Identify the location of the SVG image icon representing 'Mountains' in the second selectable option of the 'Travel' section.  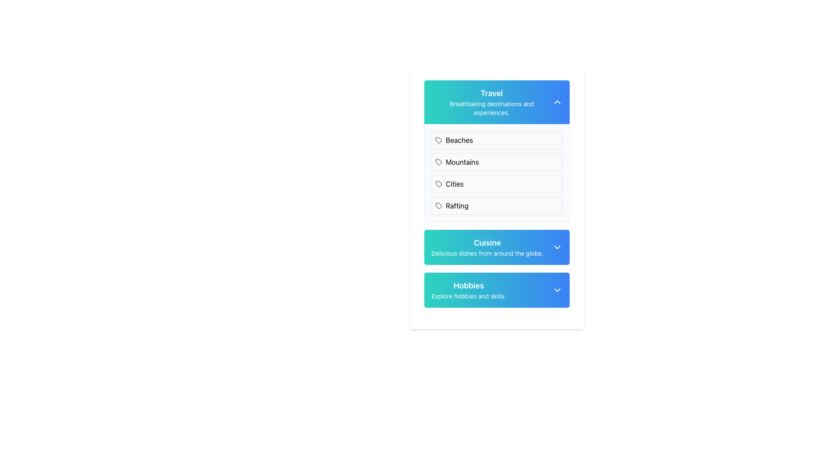
(439, 162).